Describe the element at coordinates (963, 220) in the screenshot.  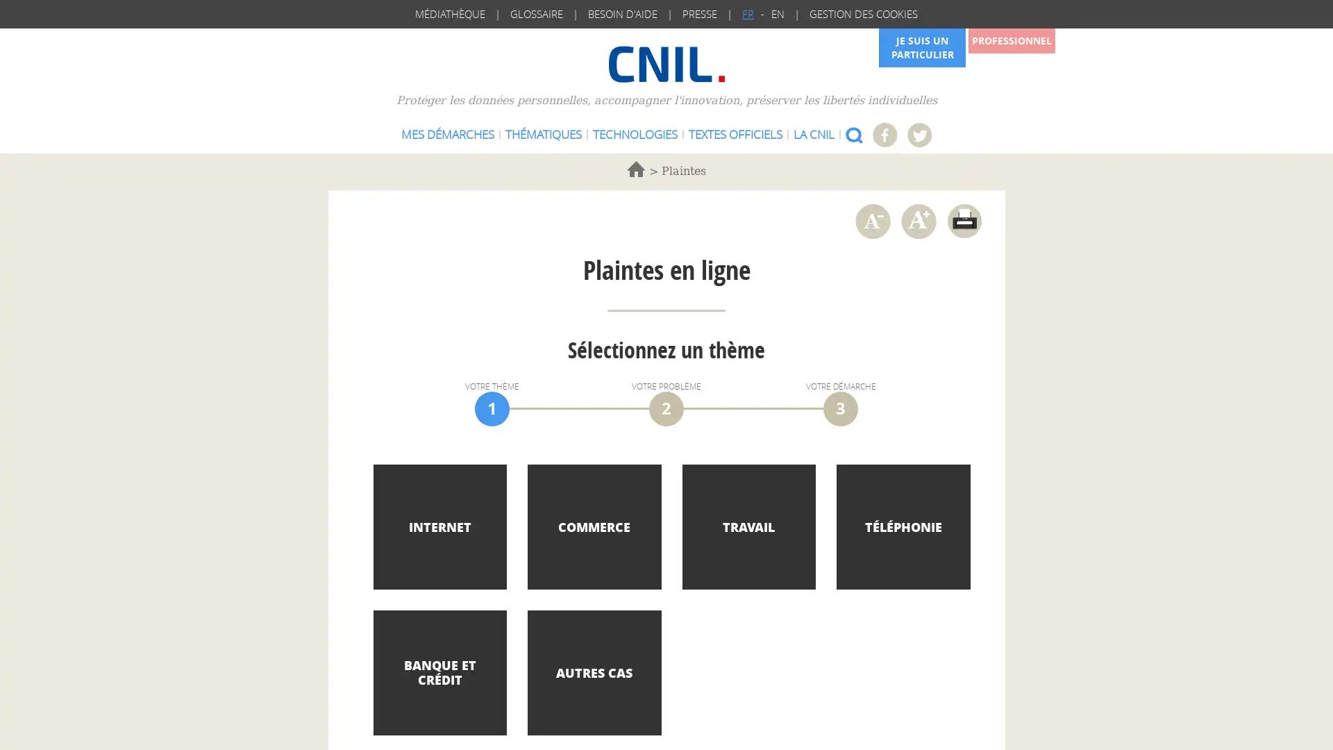
I see `Imprimer l'article` at that location.